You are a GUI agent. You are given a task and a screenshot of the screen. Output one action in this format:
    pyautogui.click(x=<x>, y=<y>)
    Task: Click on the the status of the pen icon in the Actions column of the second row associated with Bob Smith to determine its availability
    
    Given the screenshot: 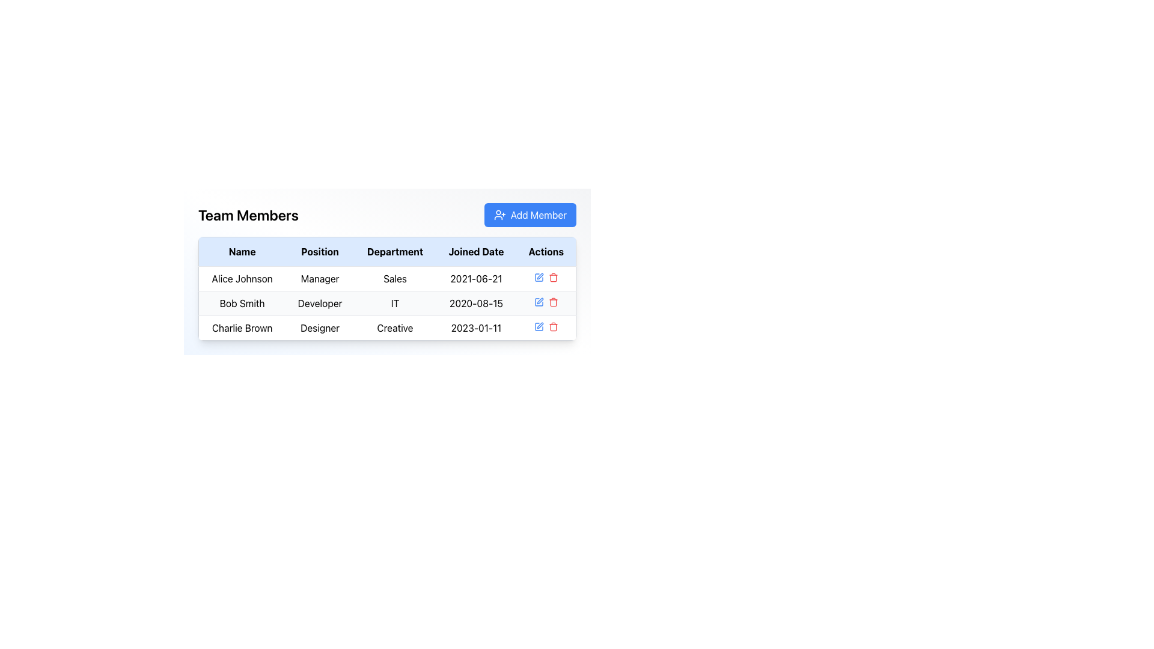 What is the action you would take?
    pyautogui.click(x=539, y=300)
    